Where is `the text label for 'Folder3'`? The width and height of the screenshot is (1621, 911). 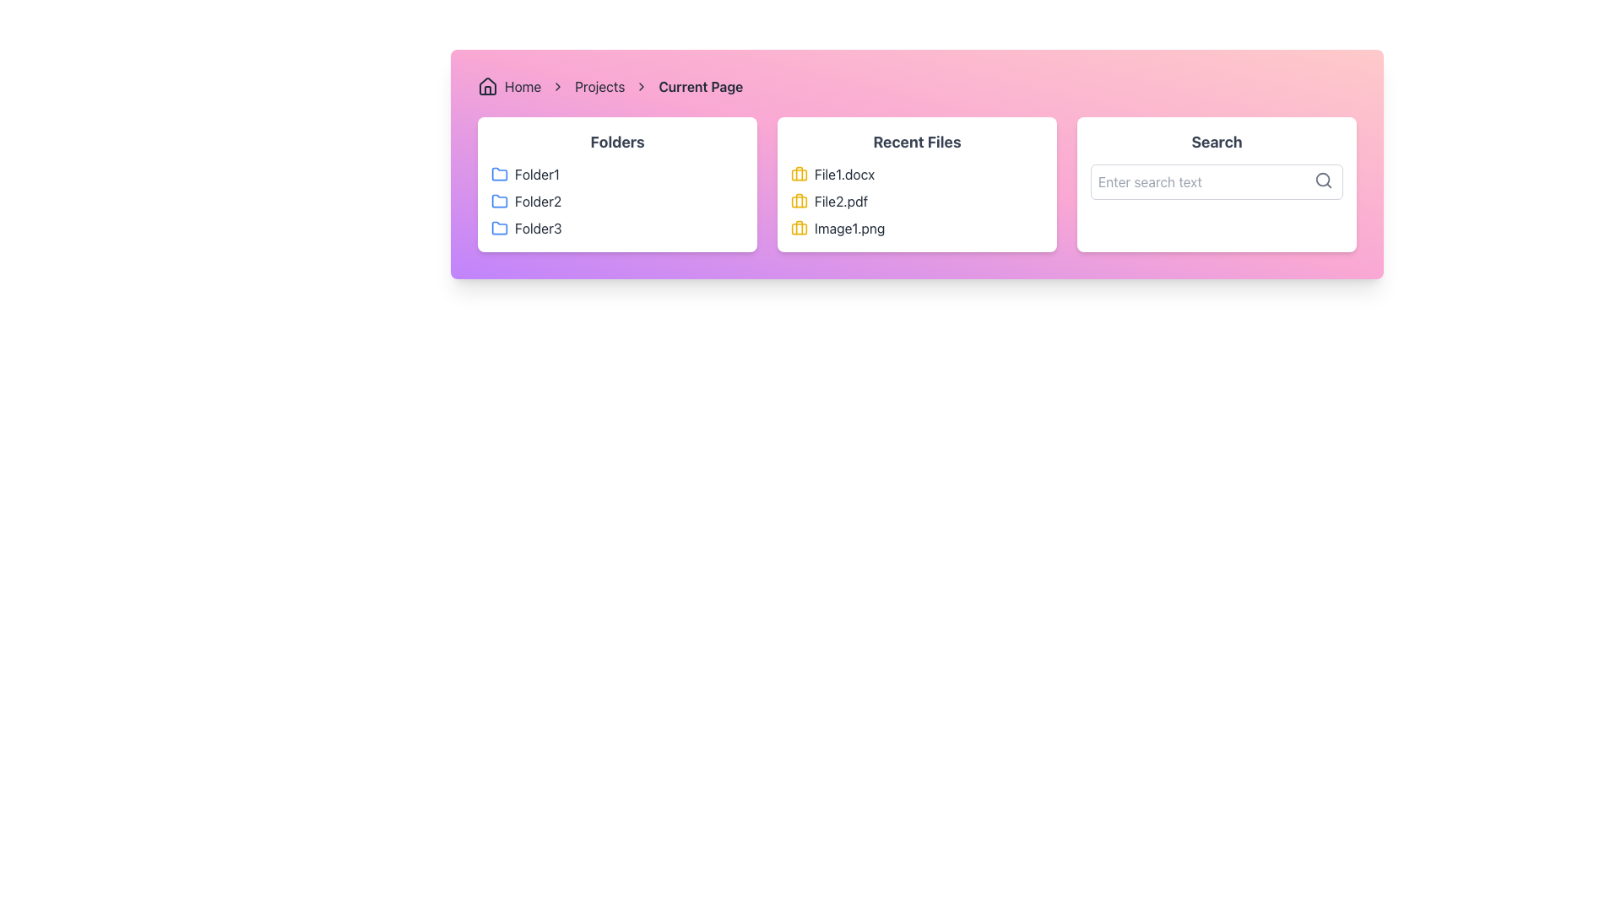
the text label for 'Folder3' is located at coordinates (537, 228).